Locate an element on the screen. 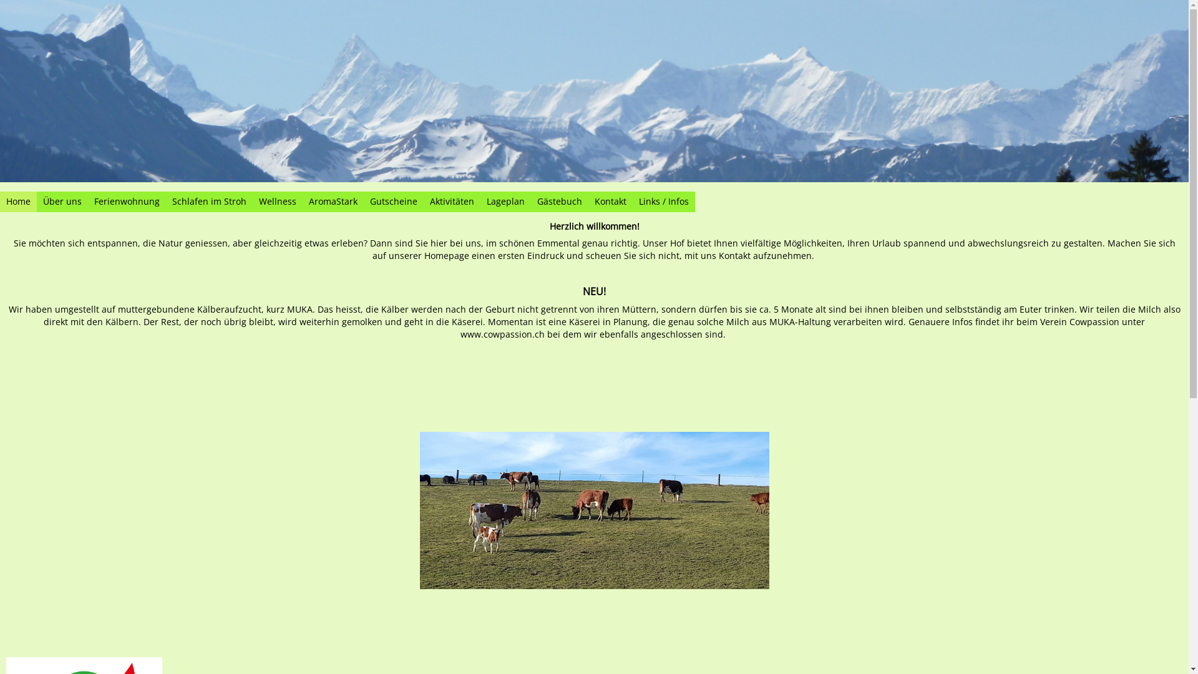 The width and height of the screenshot is (1198, 674). 'Wellness' is located at coordinates (277, 201).